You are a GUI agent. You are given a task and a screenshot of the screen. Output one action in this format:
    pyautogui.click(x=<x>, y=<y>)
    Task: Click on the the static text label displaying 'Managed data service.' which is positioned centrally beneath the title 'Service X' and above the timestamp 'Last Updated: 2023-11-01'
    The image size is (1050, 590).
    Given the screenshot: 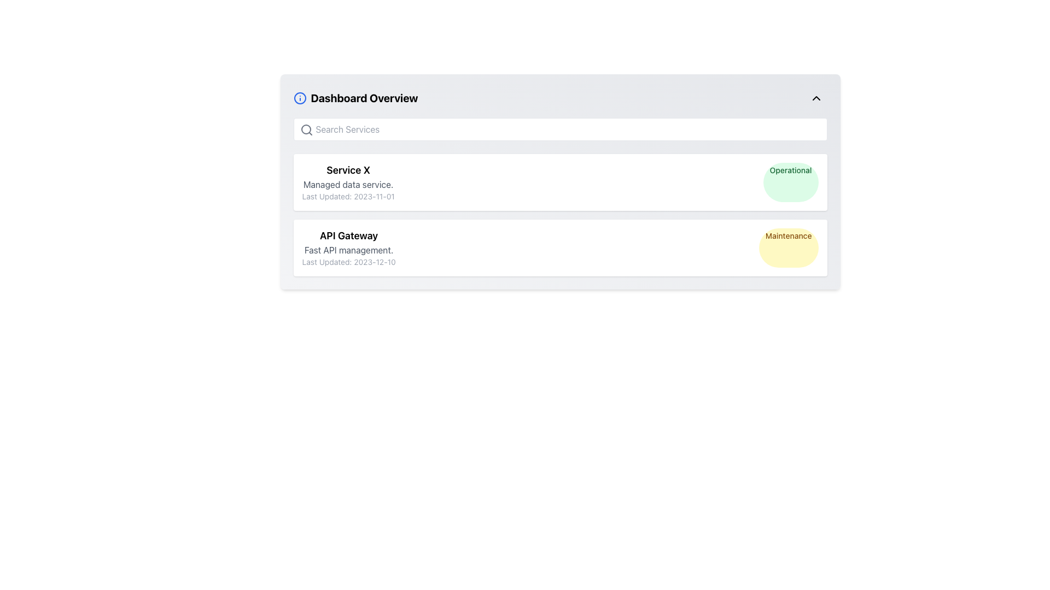 What is the action you would take?
    pyautogui.click(x=348, y=184)
    